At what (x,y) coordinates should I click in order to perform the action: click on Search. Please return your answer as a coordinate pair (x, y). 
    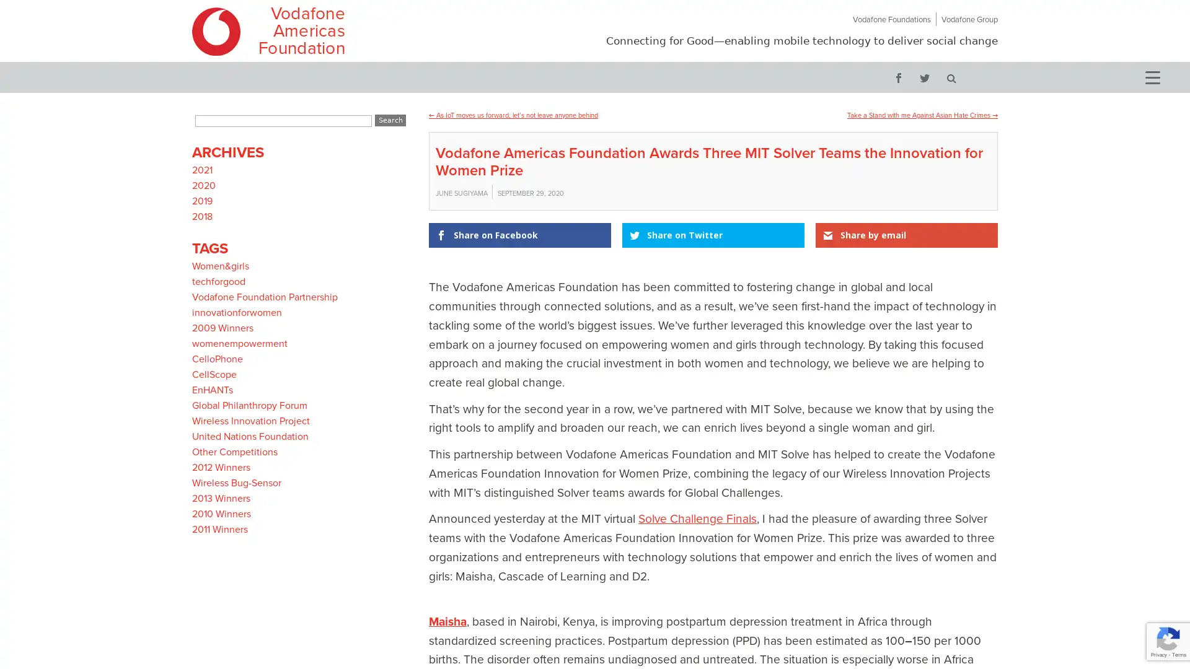
    Looking at the image, I should click on (389, 120).